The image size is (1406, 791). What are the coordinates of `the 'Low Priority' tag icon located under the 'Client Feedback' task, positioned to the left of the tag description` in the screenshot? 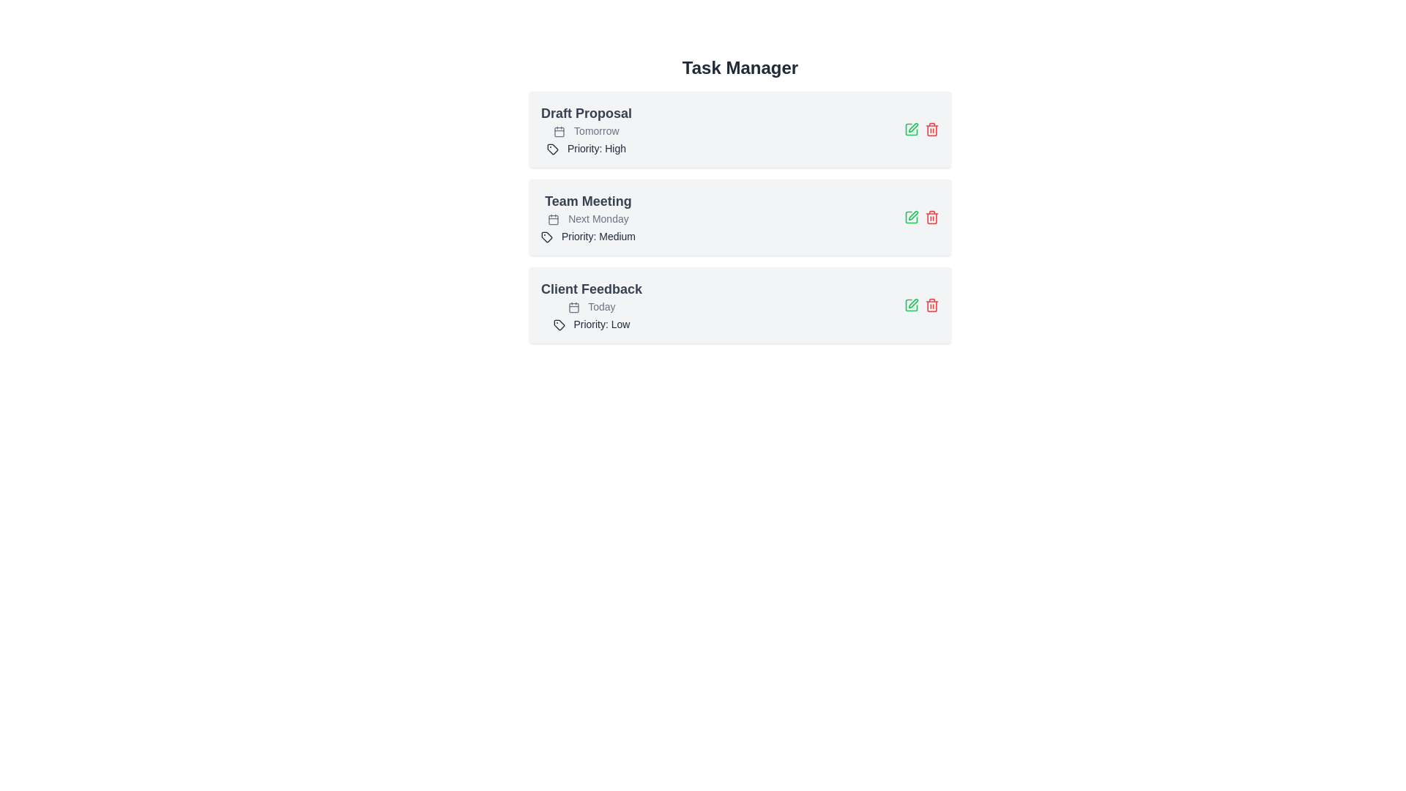 It's located at (558, 324).